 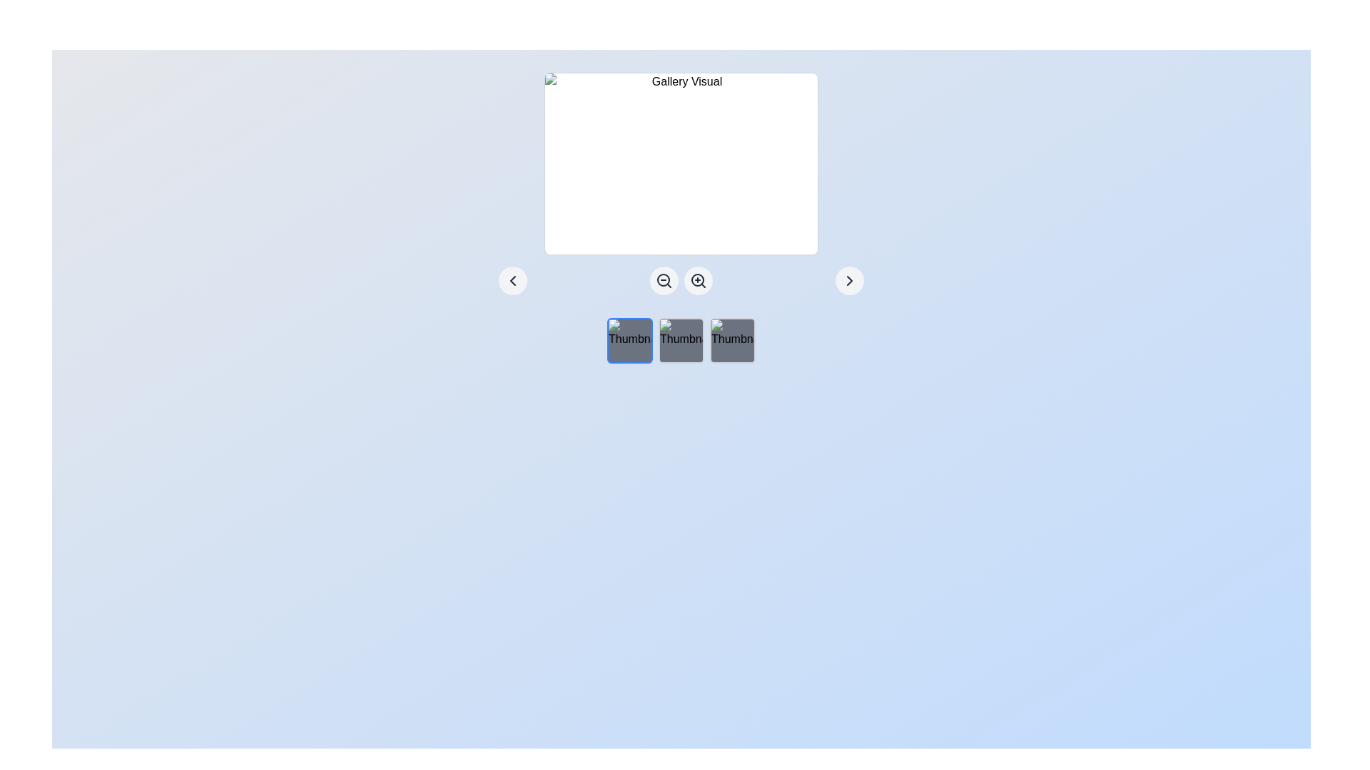 I want to click on the second button from the left in the horizontal arrangement below the 'Gallery Visual' area to zoom in on the displayed content or image, so click(x=699, y=280).